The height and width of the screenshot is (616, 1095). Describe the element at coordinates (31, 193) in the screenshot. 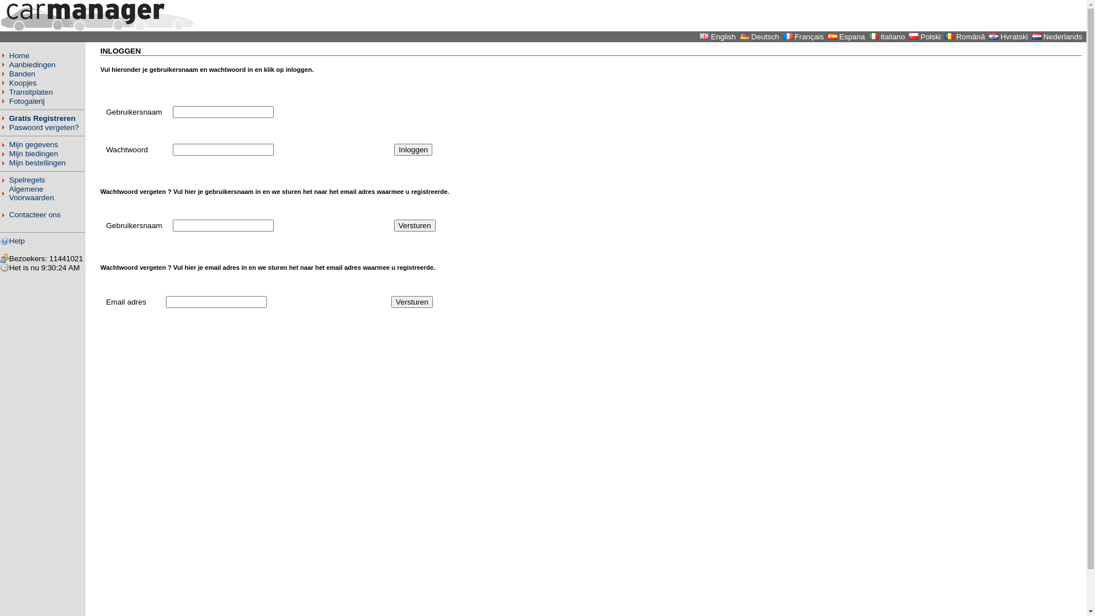

I see `'Algemene Voorwaarden'` at that location.